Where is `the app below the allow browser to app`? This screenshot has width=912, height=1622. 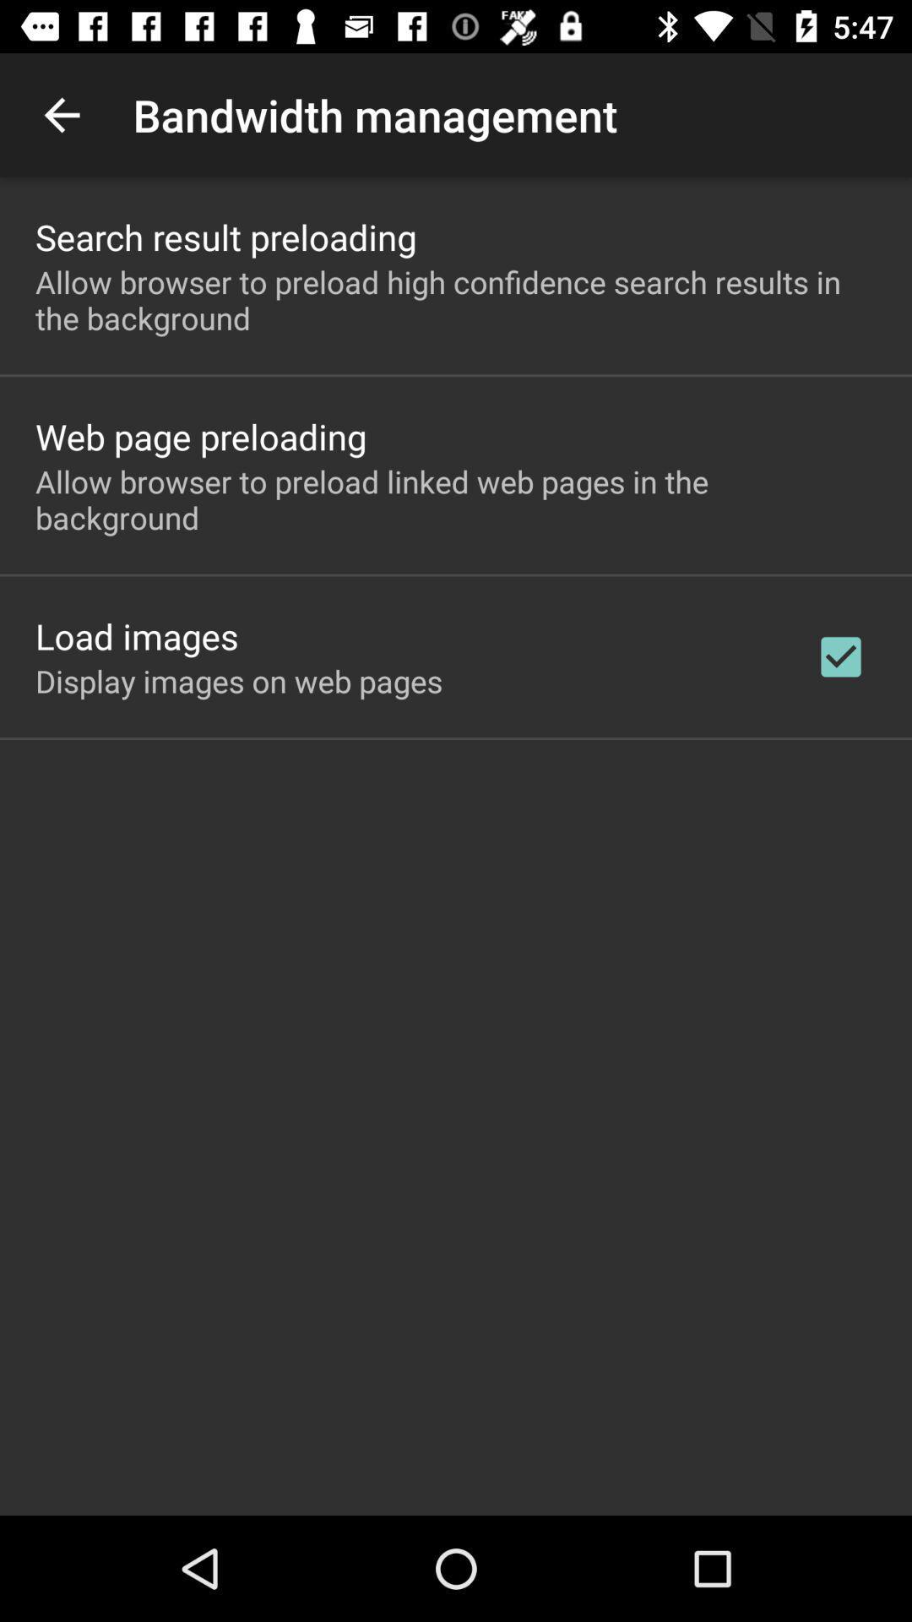 the app below the allow browser to app is located at coordinates (136, 635).